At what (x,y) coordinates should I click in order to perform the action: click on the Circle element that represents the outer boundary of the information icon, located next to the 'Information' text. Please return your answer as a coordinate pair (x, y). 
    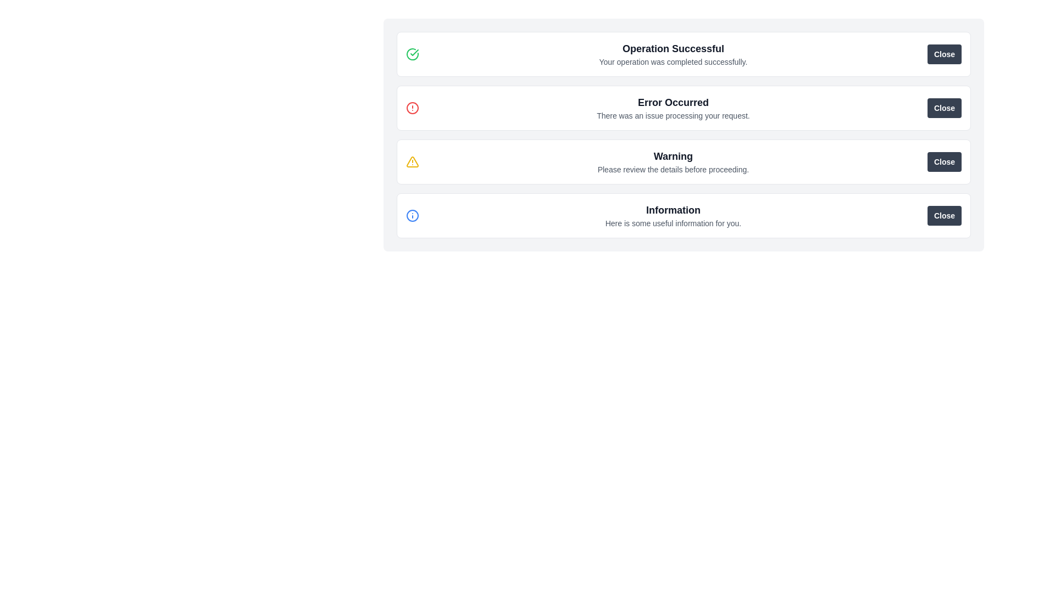
    Looking at the image, I should click on (412, 216).